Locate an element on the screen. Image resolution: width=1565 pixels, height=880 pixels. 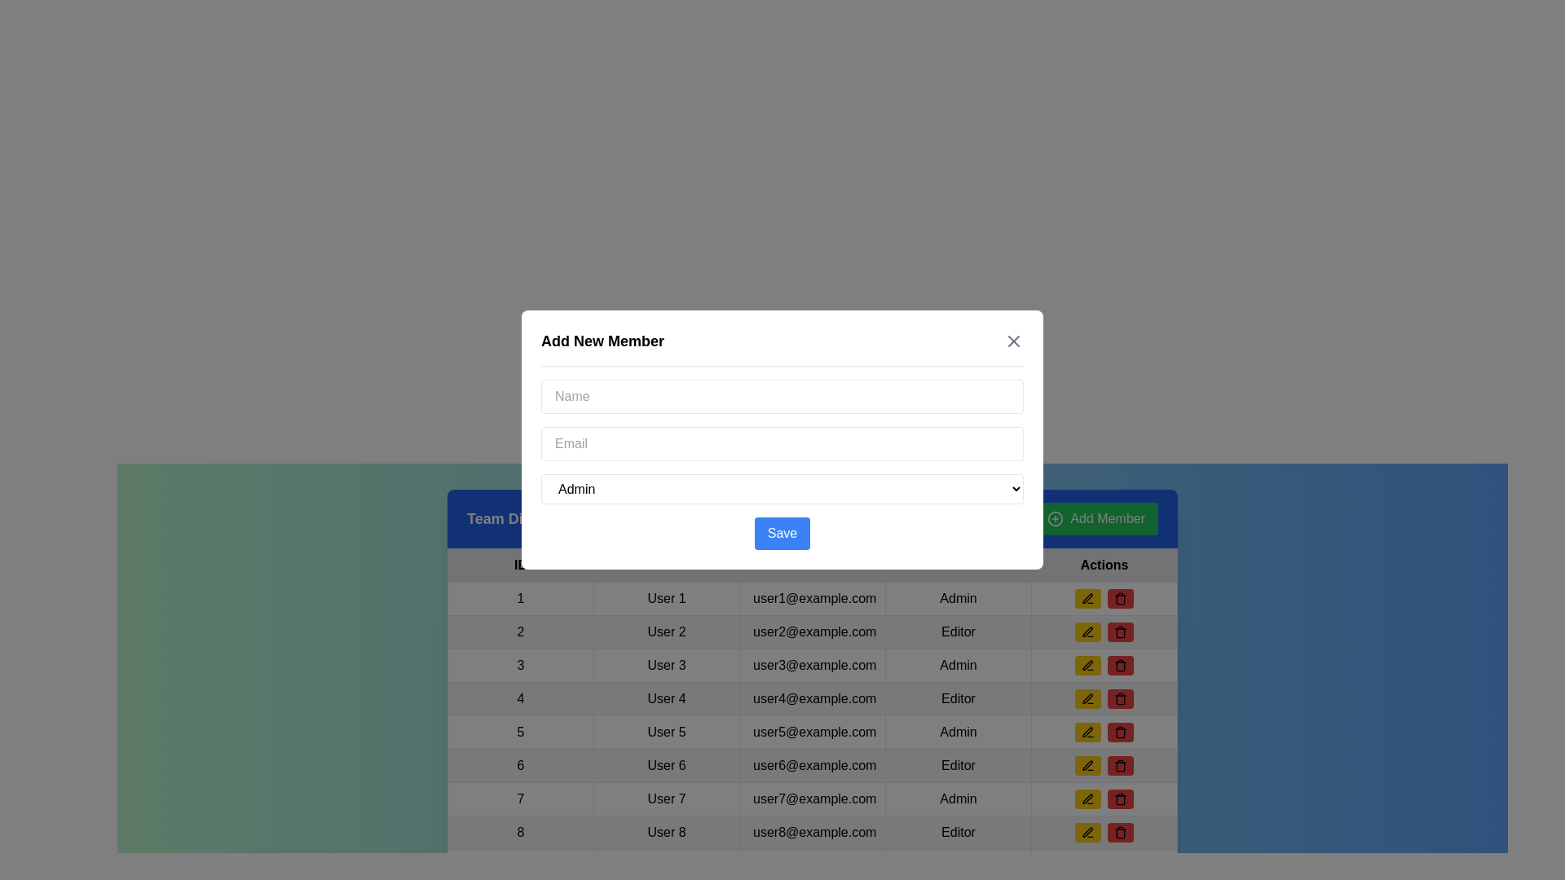
text displayed in the cell containing 'user7@example.com', located in the third cell of the row labeled '7' in the table is located at coordinates (813, 798).